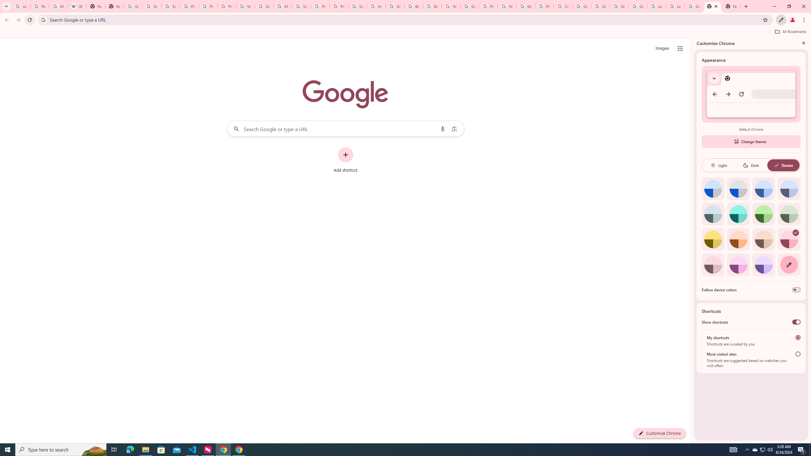  I want to click on 'AutomationID: baseSvg', so click(776, 165).